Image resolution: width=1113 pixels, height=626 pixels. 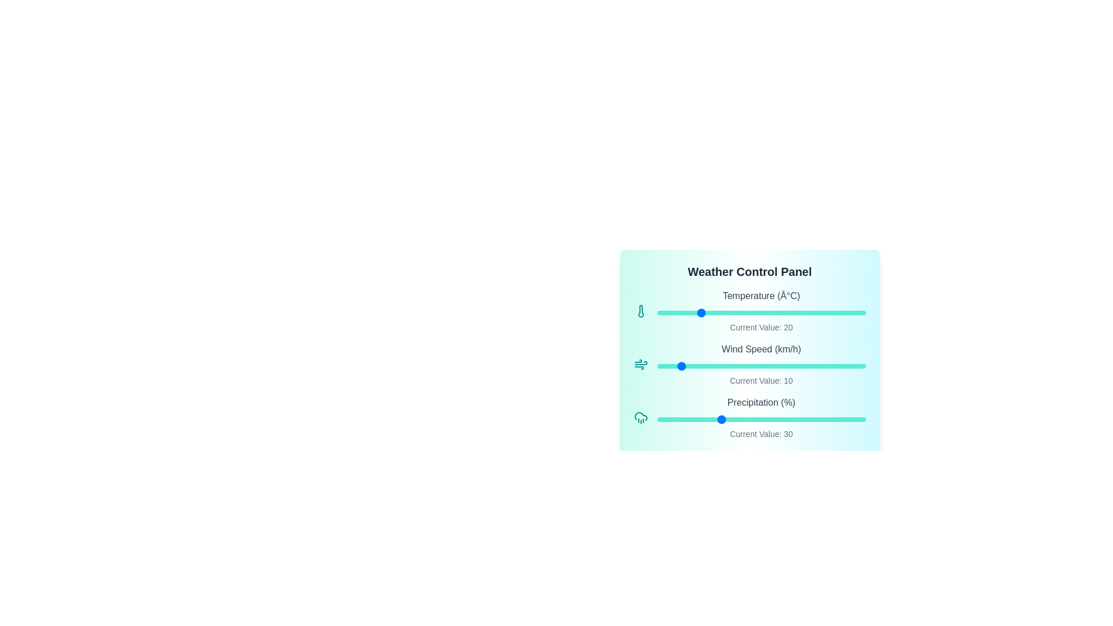 What do you see at coordinates (776, 366) in the screenshot?
I see `the Wind Speed slider to 57 km/h` at bounding box center [776, 366].